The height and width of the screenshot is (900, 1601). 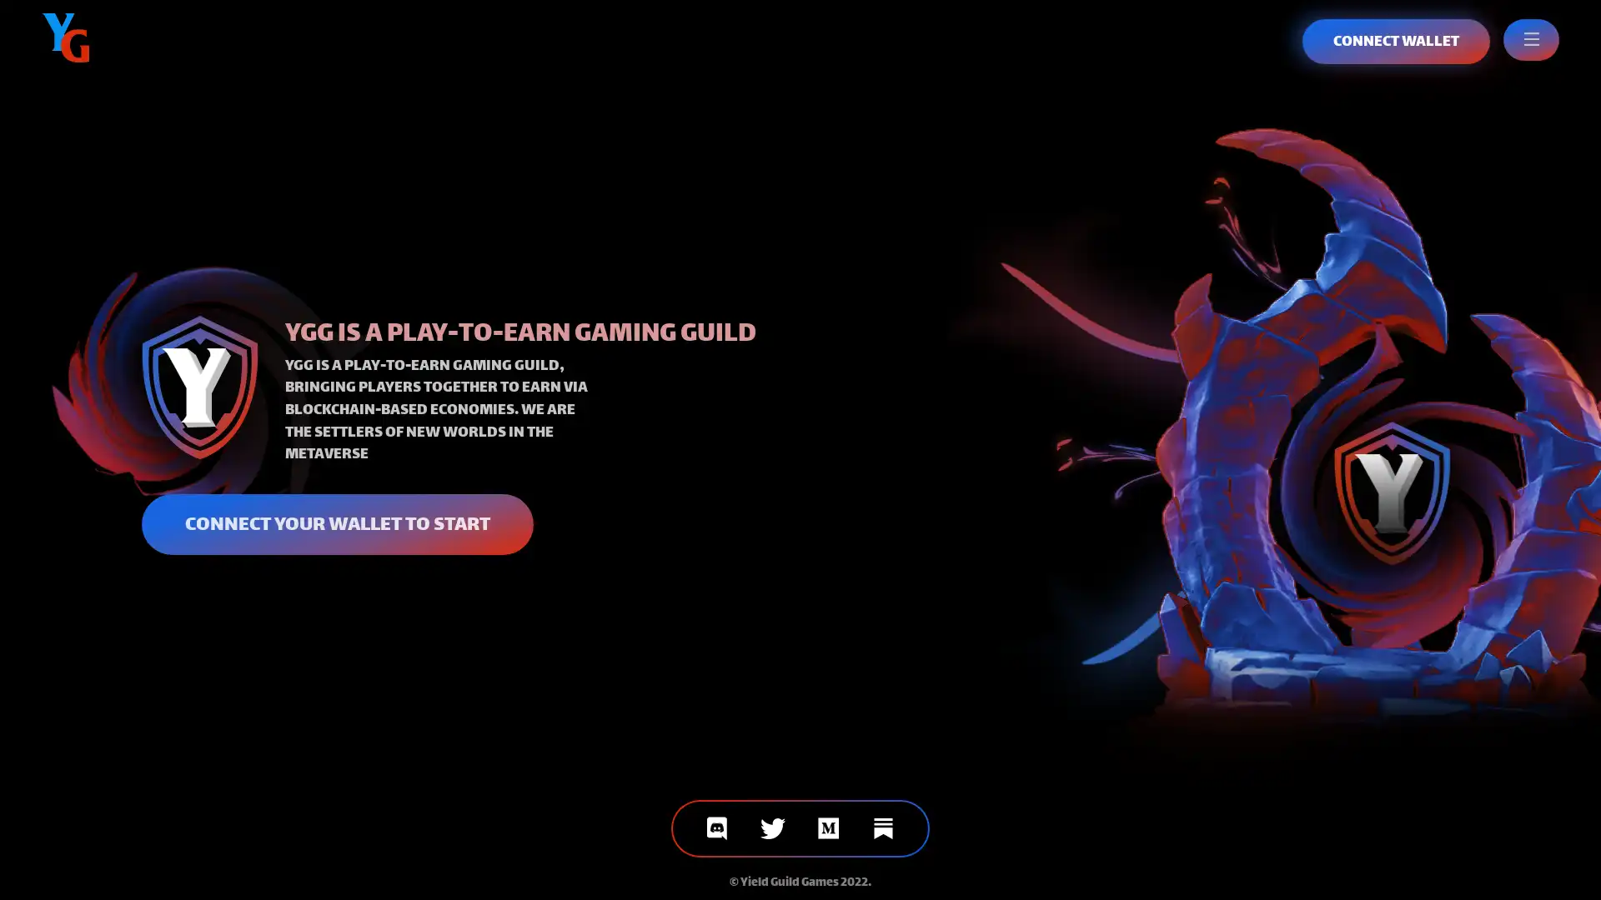 I want to click on CONNECT WALLET, so click(x=1396, y=41).